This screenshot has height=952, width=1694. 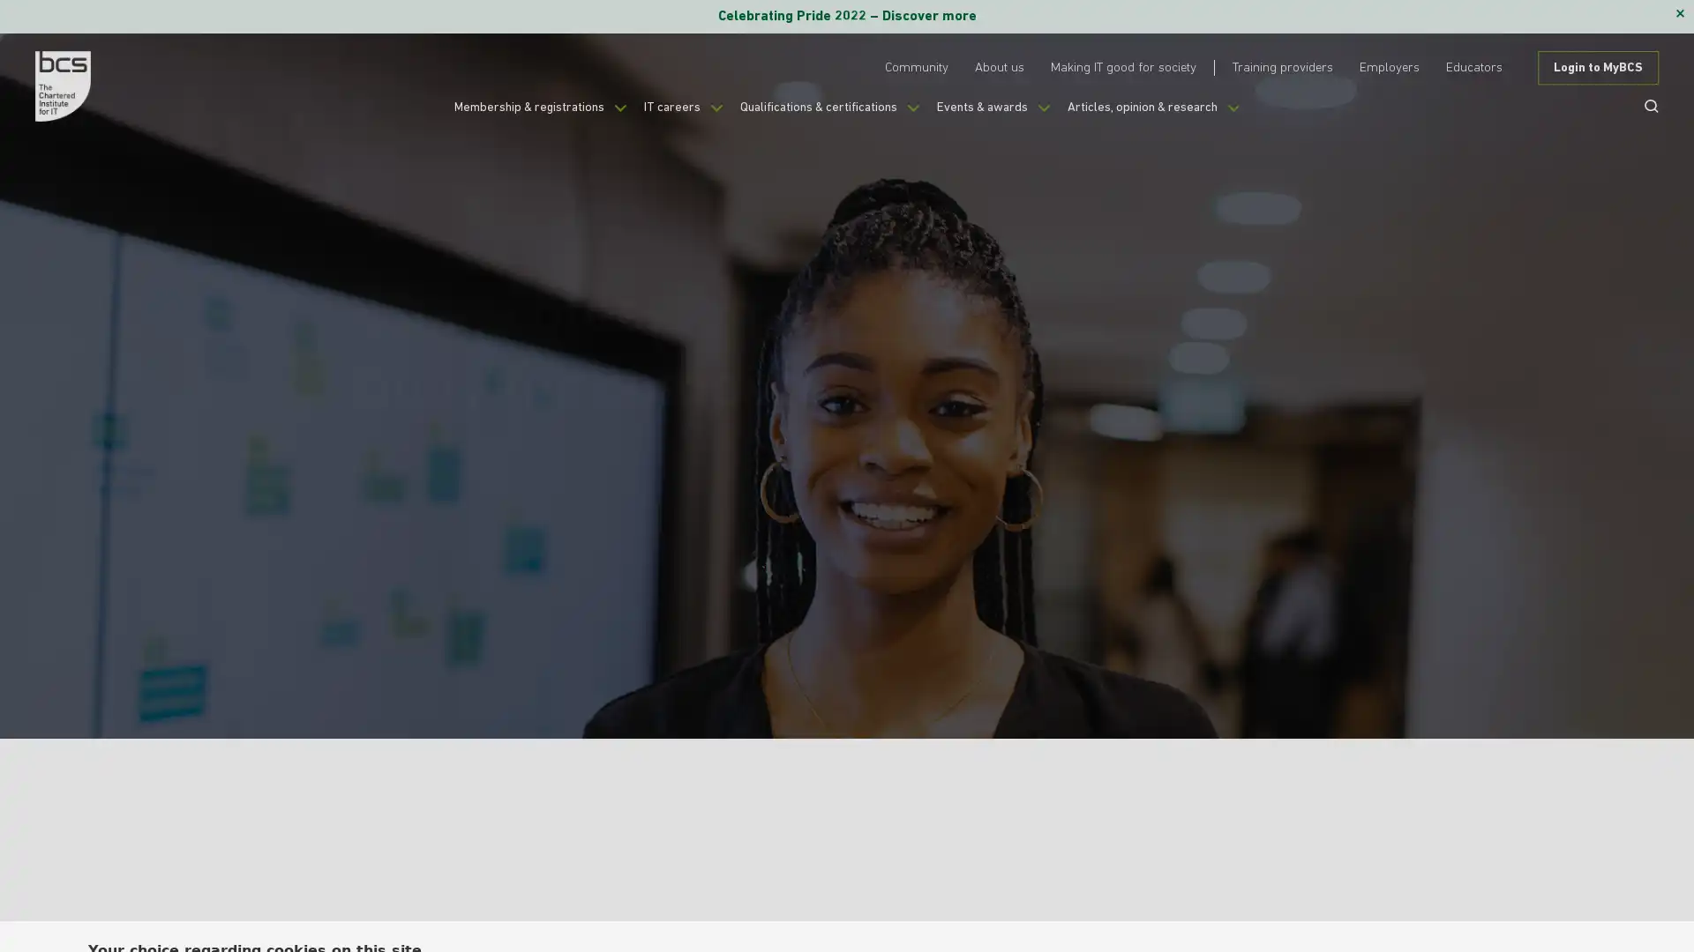 What do you see at coordinates (508, 116) in the screenshot?
I see `Membership & registrations` at bounding box center [508, 116].